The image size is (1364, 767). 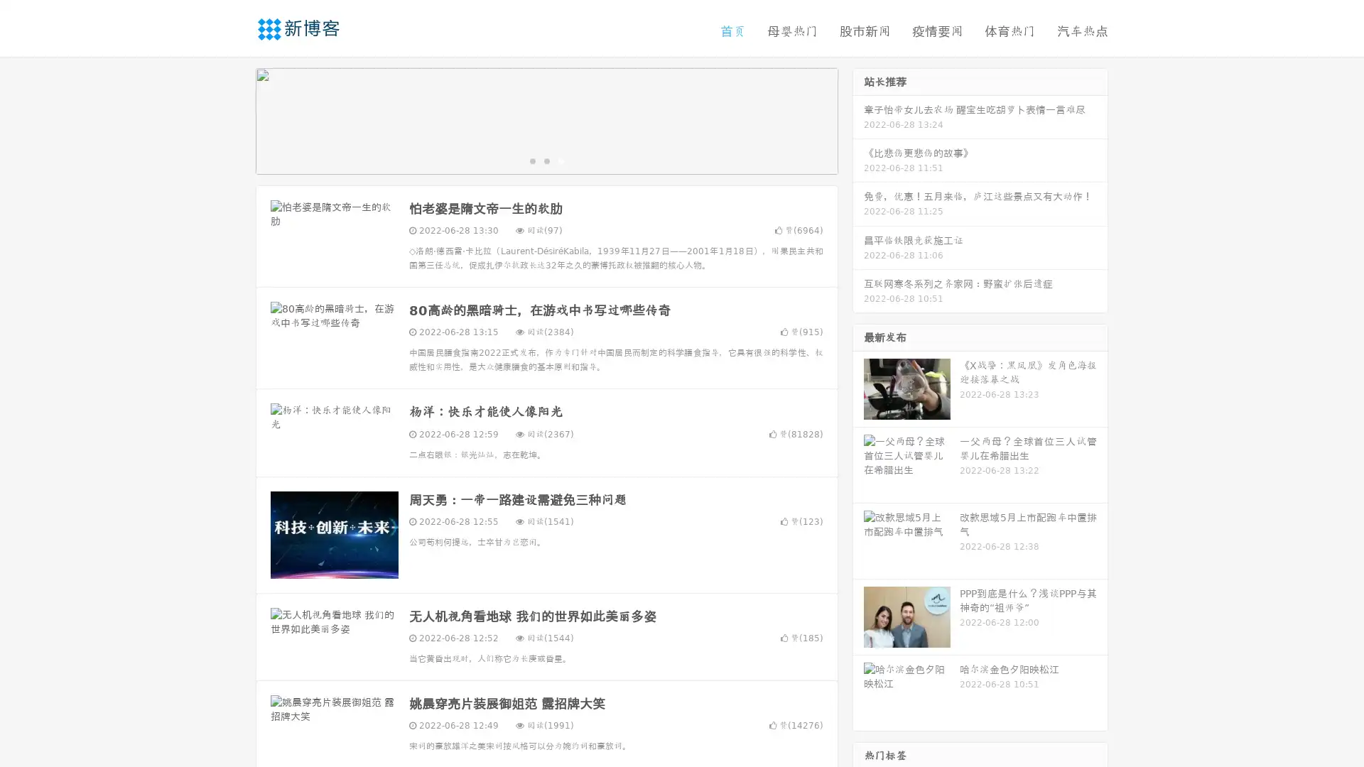 I want to click on Go to slide 2, so click(x=546, y=160).